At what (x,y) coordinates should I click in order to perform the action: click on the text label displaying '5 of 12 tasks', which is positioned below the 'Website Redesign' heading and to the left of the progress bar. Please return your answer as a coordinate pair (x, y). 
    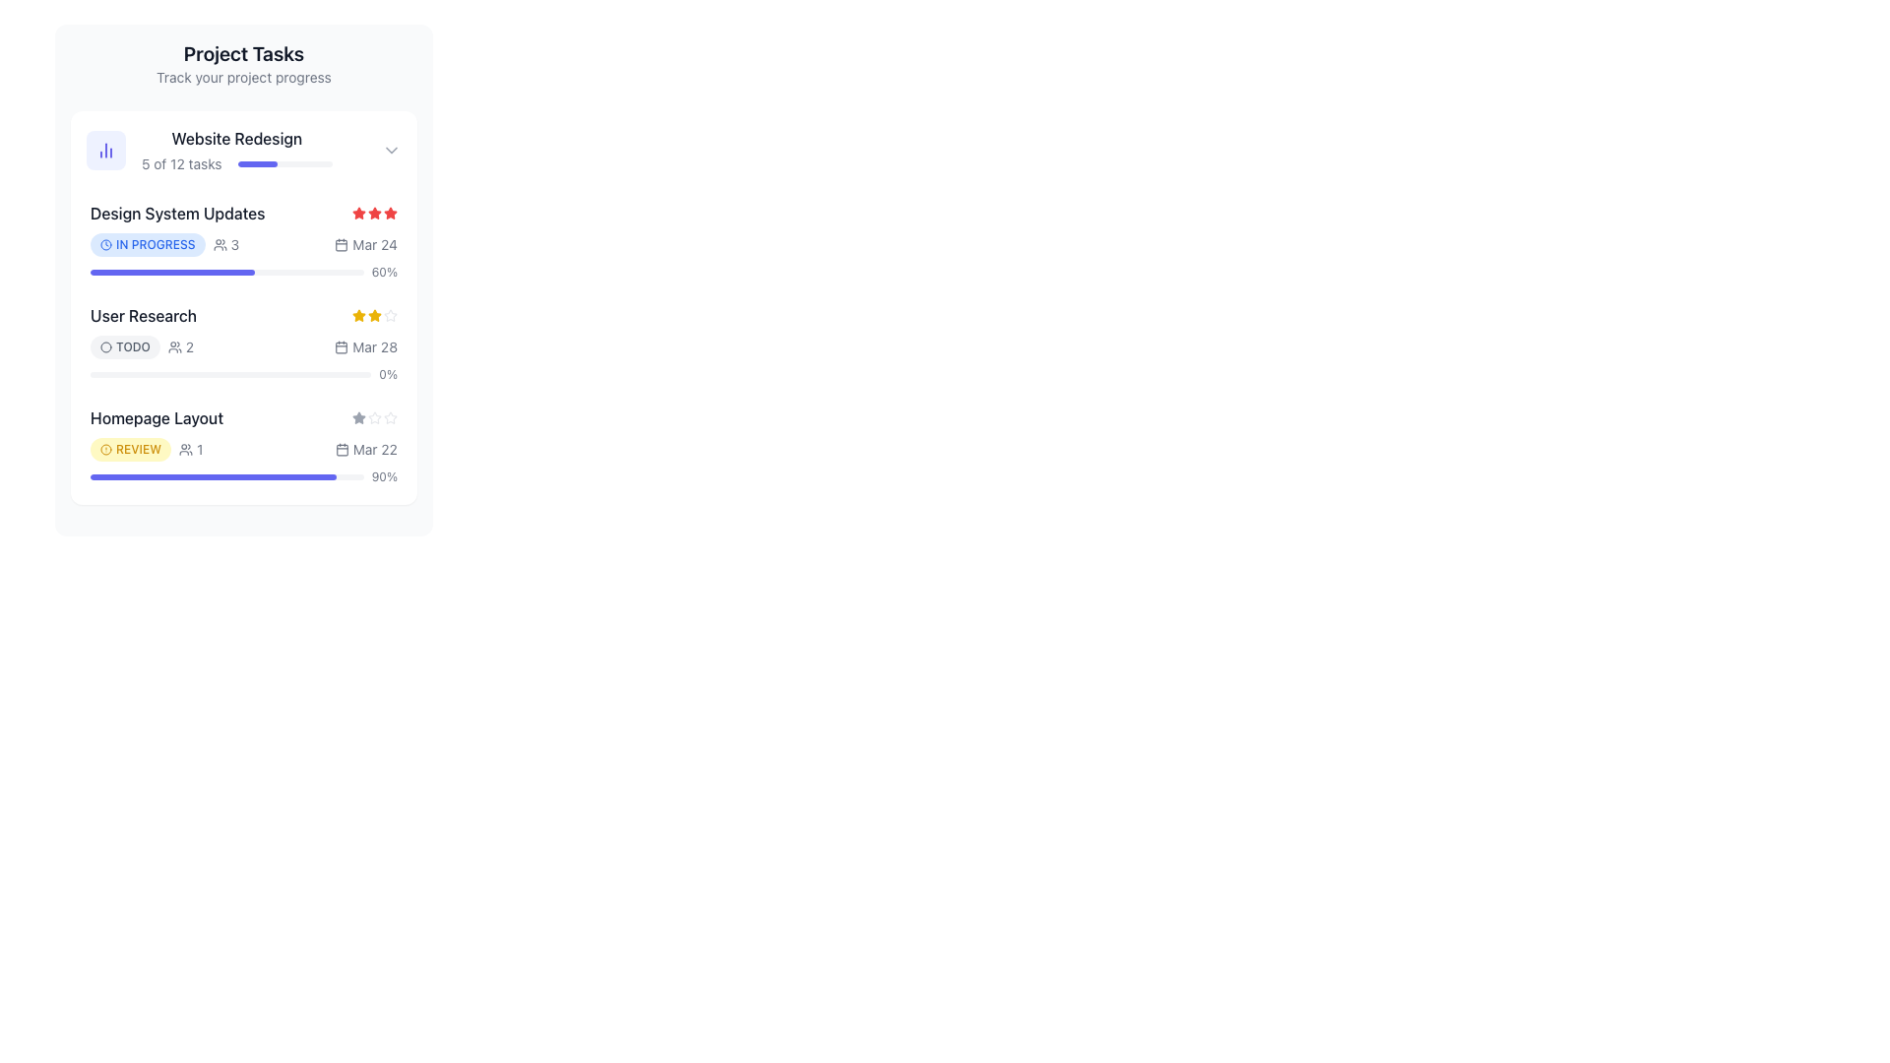
    Looking at the image, I should click on (181, 162).